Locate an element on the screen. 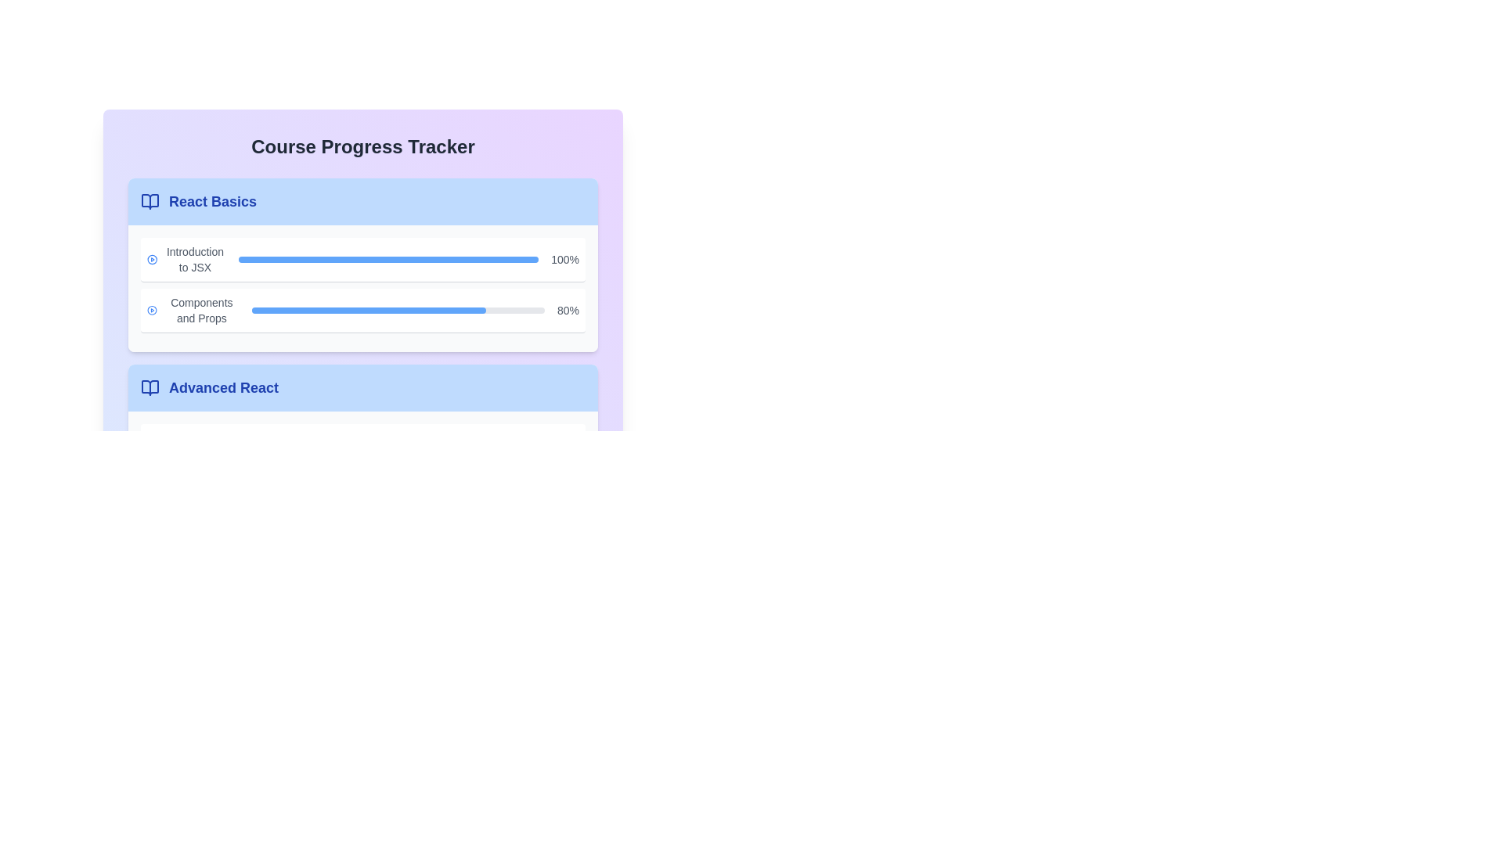 This screenshot has height=845, width=1503. displayed progress percentage (100%) on the Text label located in the top-right corner of the card section for the 'Introduction to JSX' task, which is positioned to the right of the progress bar is located at coordinates (564, 258).